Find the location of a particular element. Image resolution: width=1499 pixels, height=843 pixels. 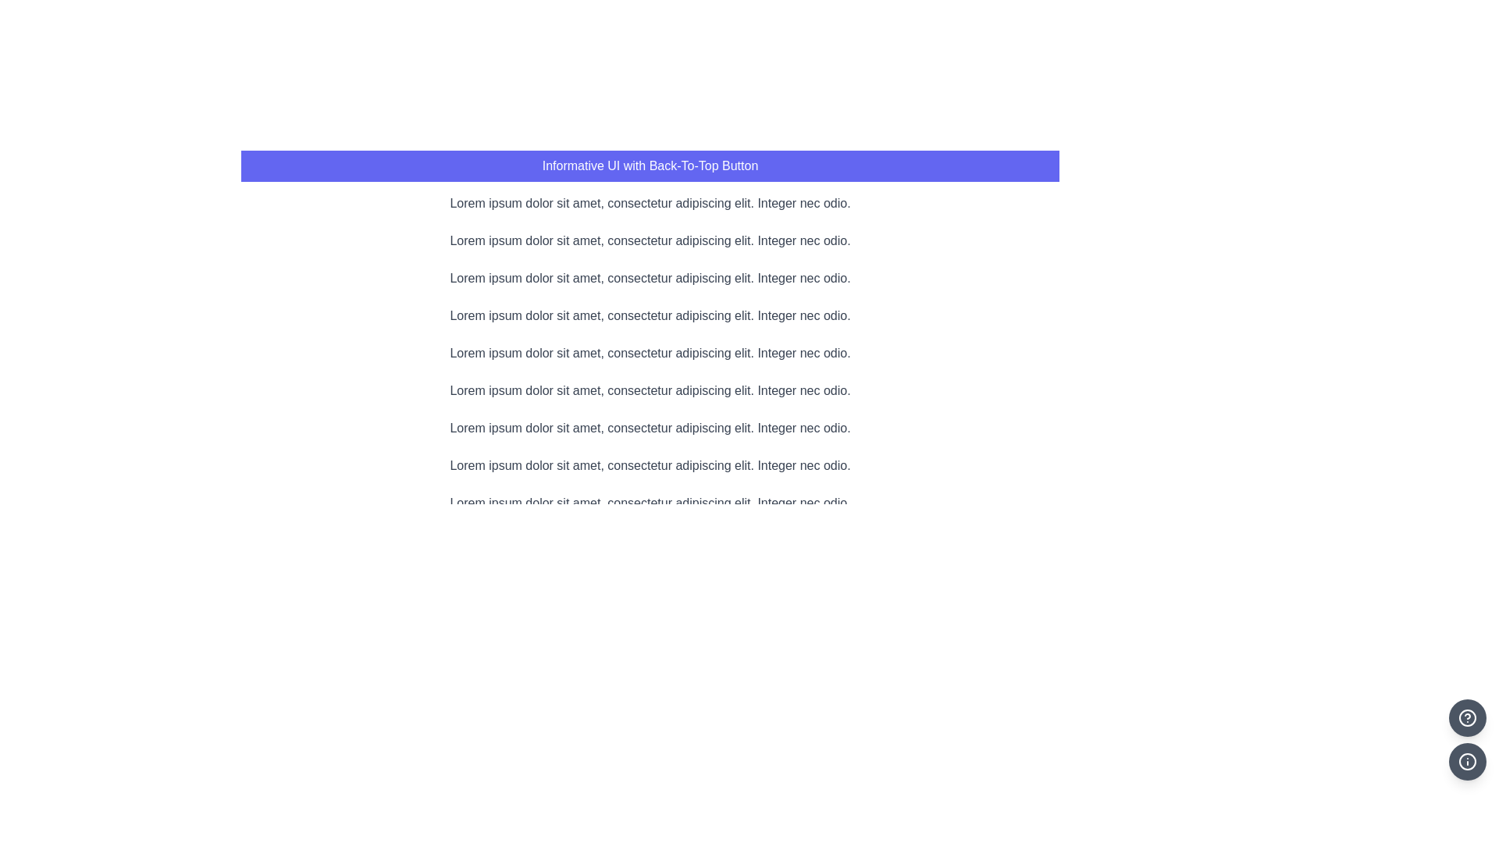

the fifth gray text label displaying 'Lorem ipsum dolor sit amet, consectetur adipiscing elit. Integer nec odio.' in the vertical list of text items is located at coordinates (650, 353).